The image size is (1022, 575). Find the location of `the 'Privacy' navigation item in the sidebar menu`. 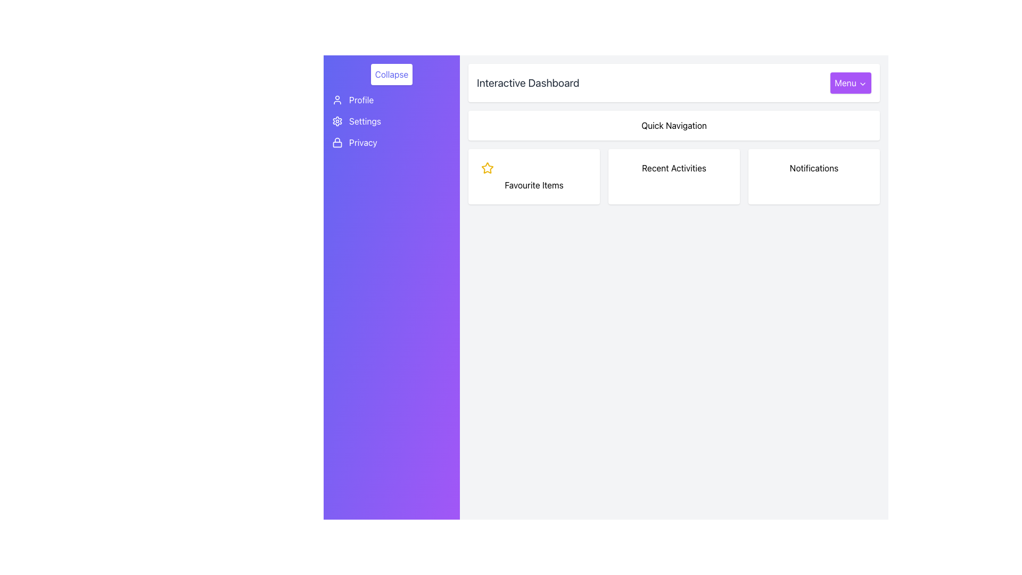

the 'Privacy' navigation item in the sidebar menu is located at coordinates (391, 142).